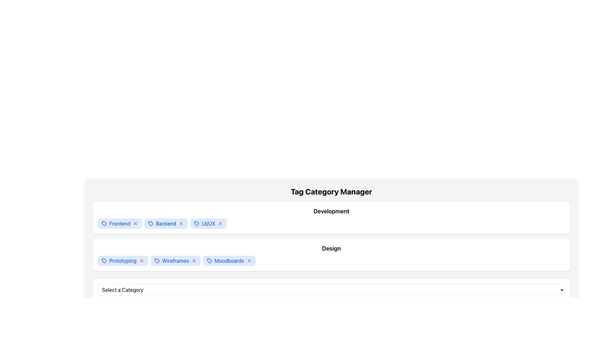  I want to click on the appearance of the tag icon element, which is a blue outlined vector graphic located to the left of the 'Wireframes' text under the 'Design' section, so click(157, 260).